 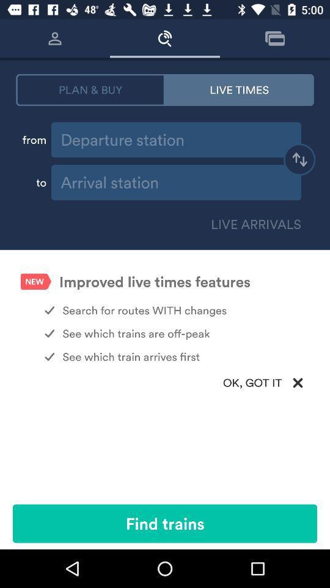 What do you see at coordinates (253, 224) in the screenshot?
I see `live arrivals icon` at bounding box center [253, 224].